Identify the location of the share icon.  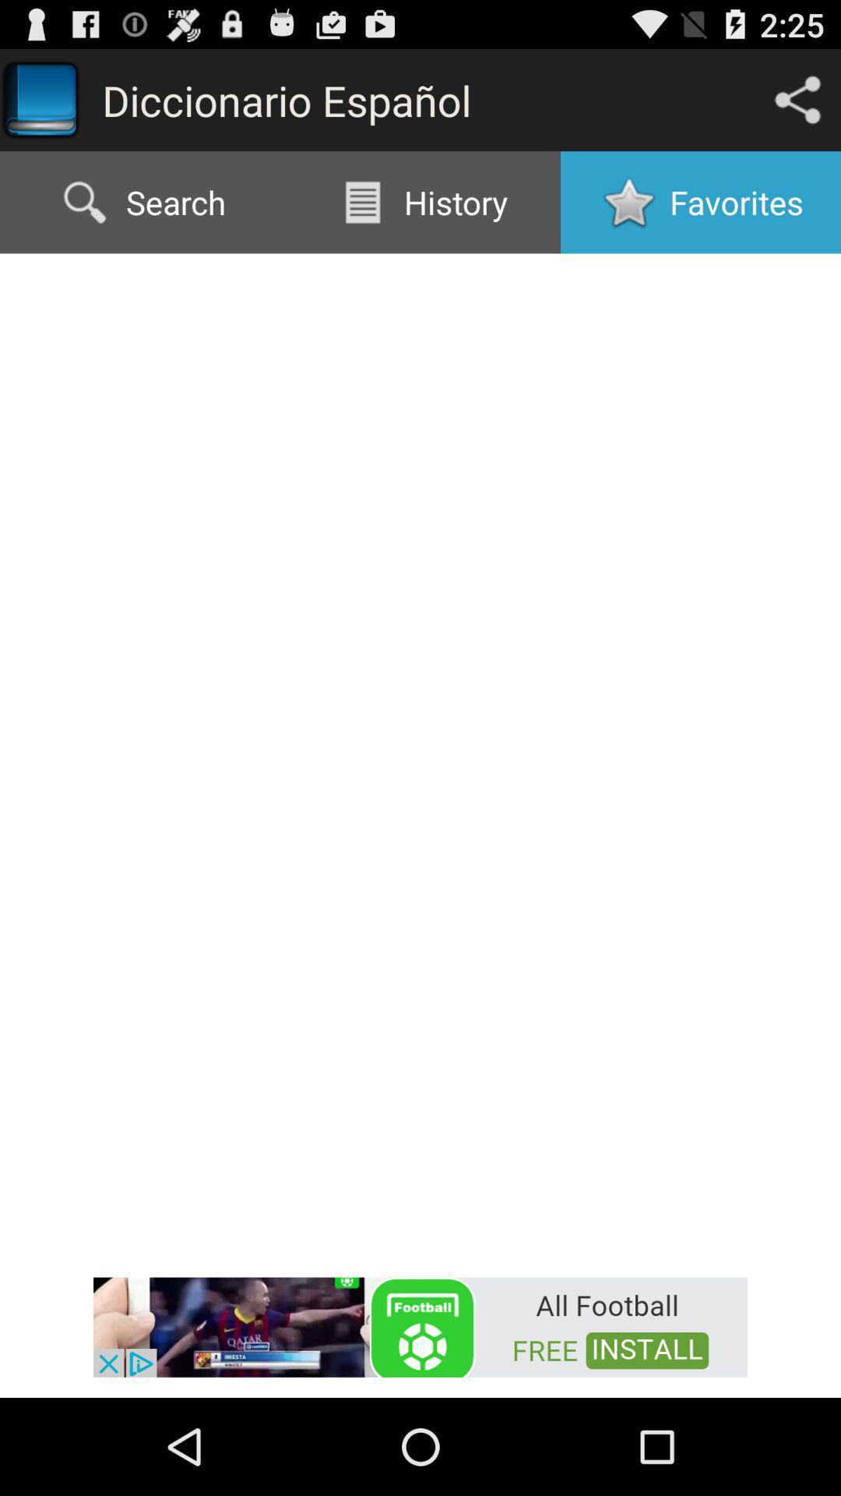
(797, 106).